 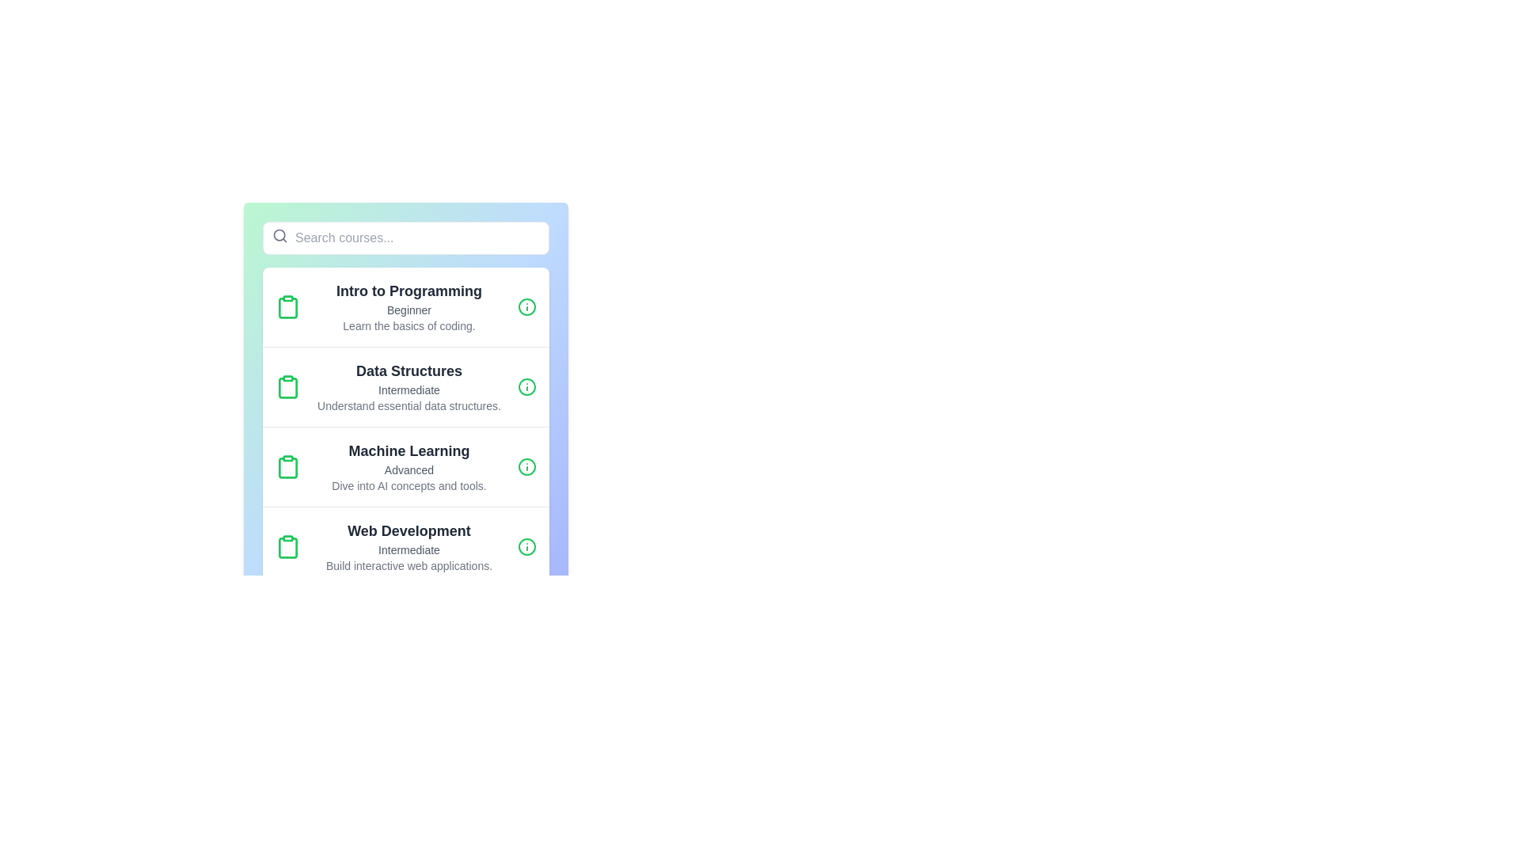 What do you see at coordinates (288, 387) in the screenshot?
I see `the icon used as a visual identifier for the 'Data Structures' section located on the left side of the entry titled 'Data Structures'` at bounding box center [288, 387].